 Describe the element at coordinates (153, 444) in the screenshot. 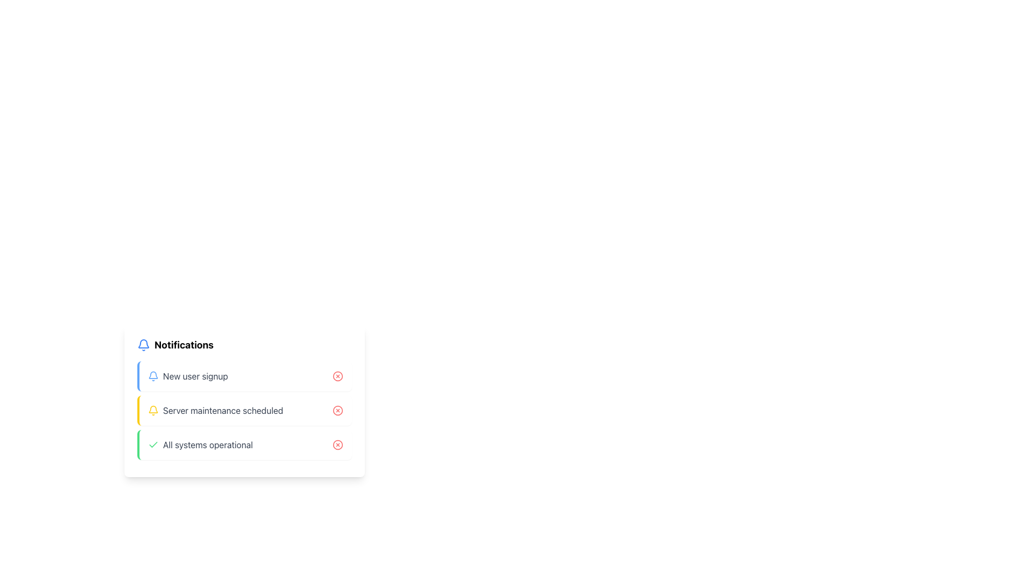

I see `the positive status icon located on the rightmost side of the green-bordered notification entry titled 'All systems operational'` at that location.